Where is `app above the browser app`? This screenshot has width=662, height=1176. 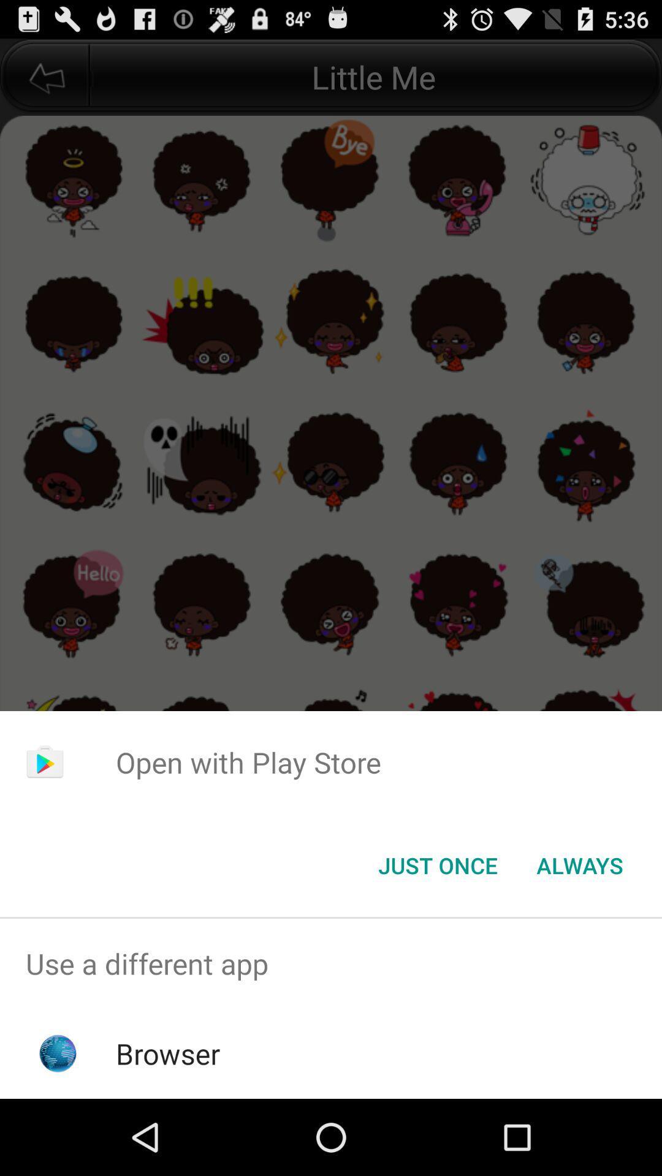
app above the browser app is located at coordinates (331, 963).